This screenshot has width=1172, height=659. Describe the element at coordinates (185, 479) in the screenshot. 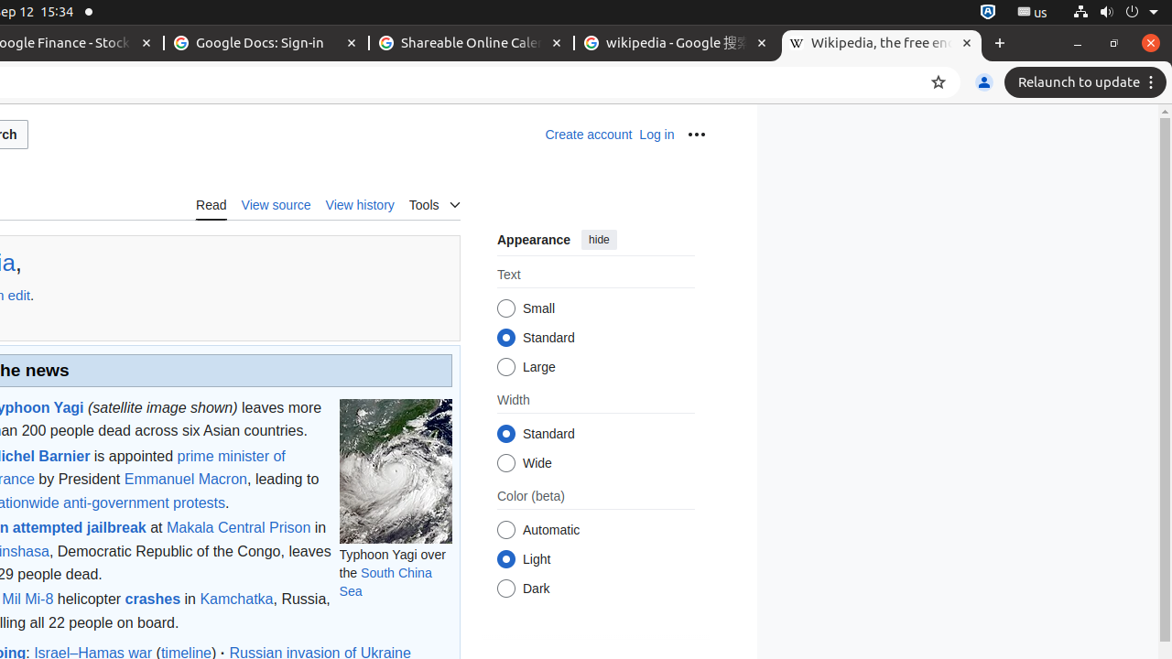

I see `'Emmanuel Macron'` at that location.